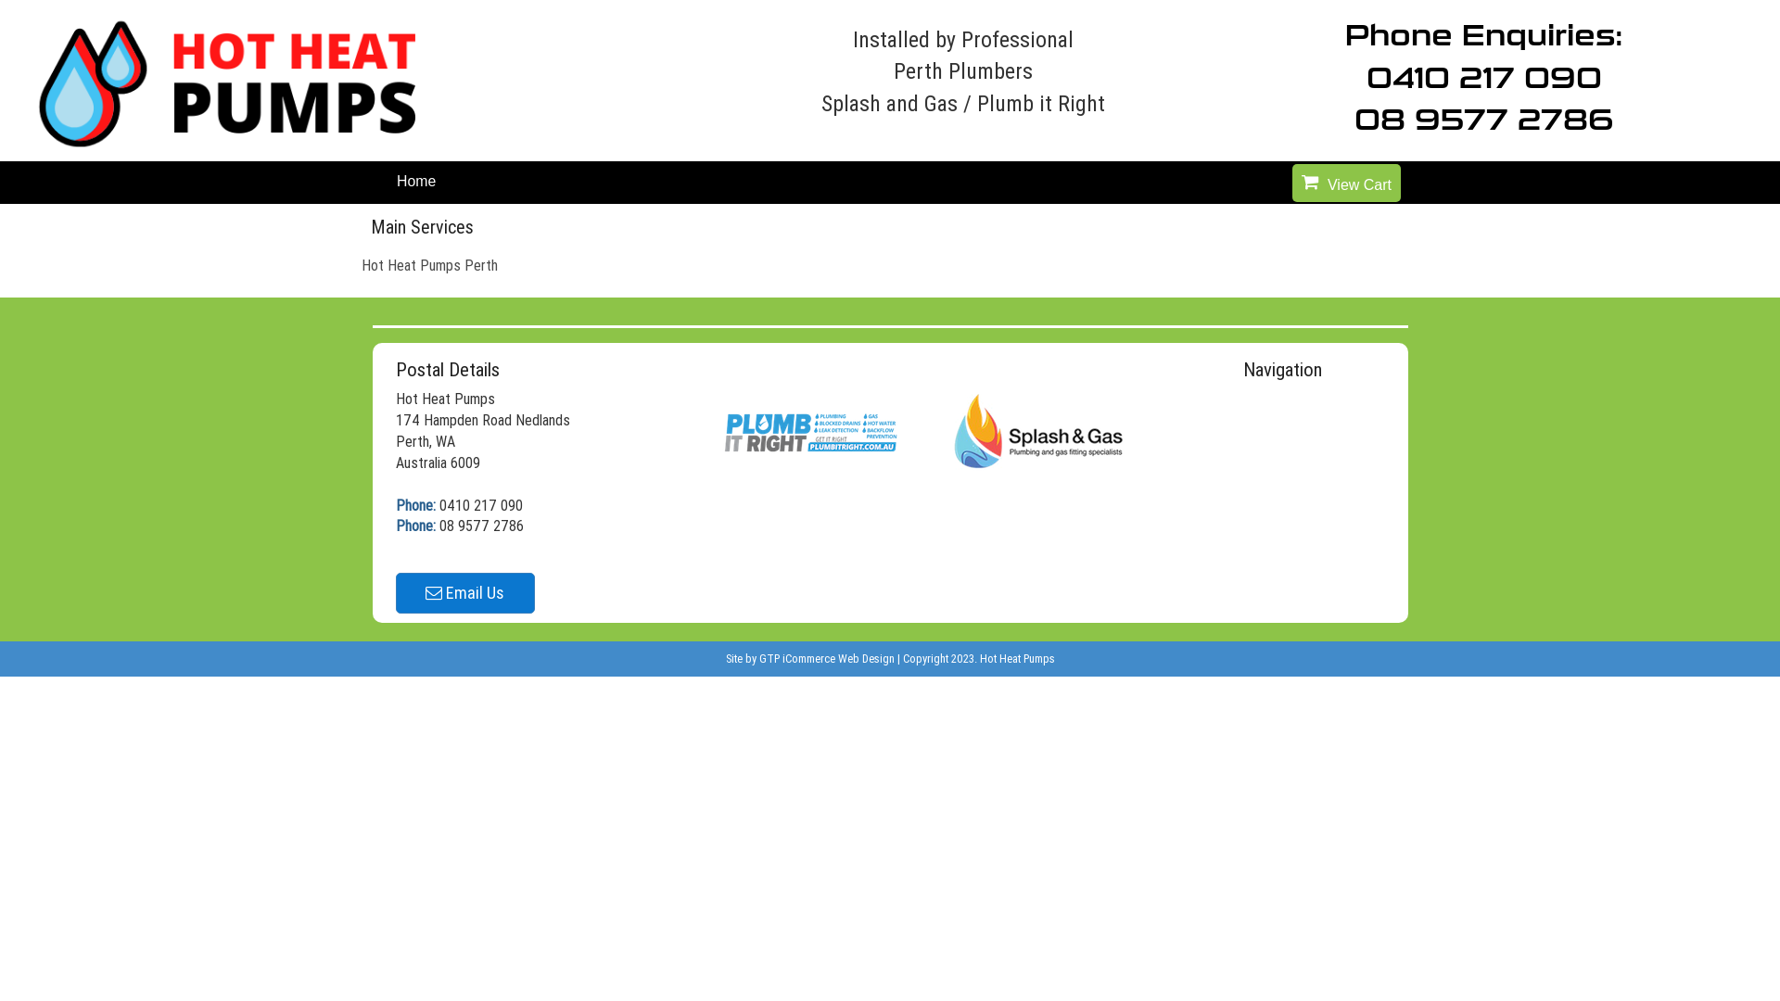  I want to click on 'Plumb it Right', so click(812, 428).